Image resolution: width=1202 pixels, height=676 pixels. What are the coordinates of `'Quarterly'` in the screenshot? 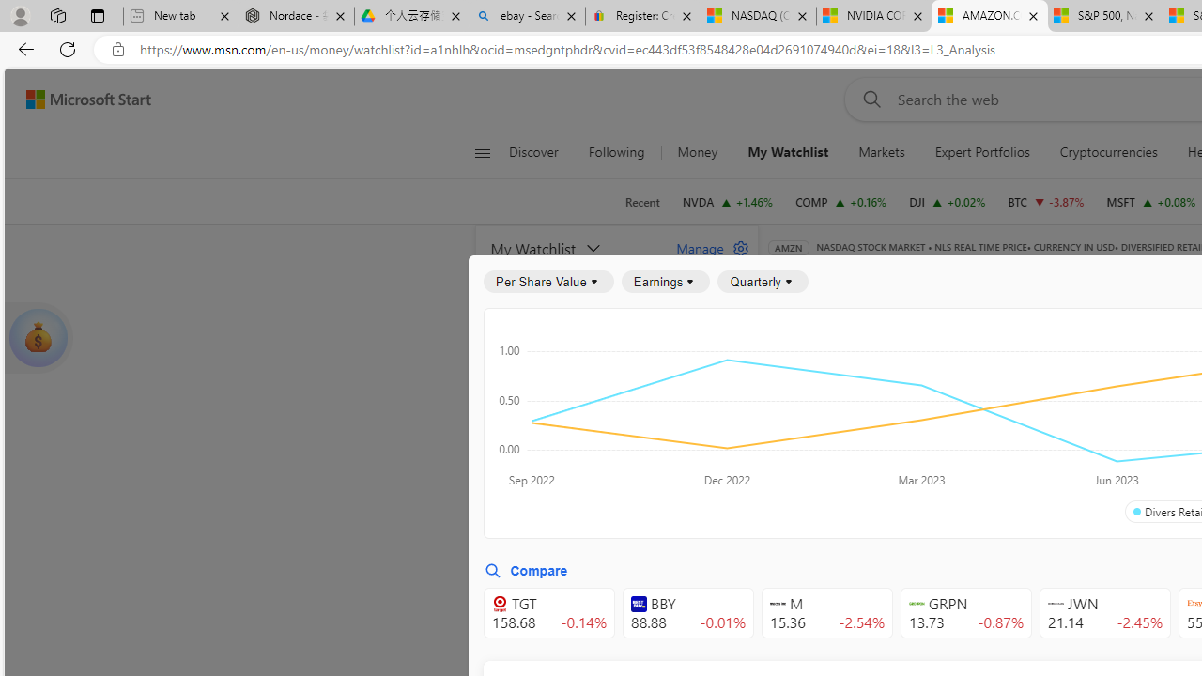 It's located at (763, 282).